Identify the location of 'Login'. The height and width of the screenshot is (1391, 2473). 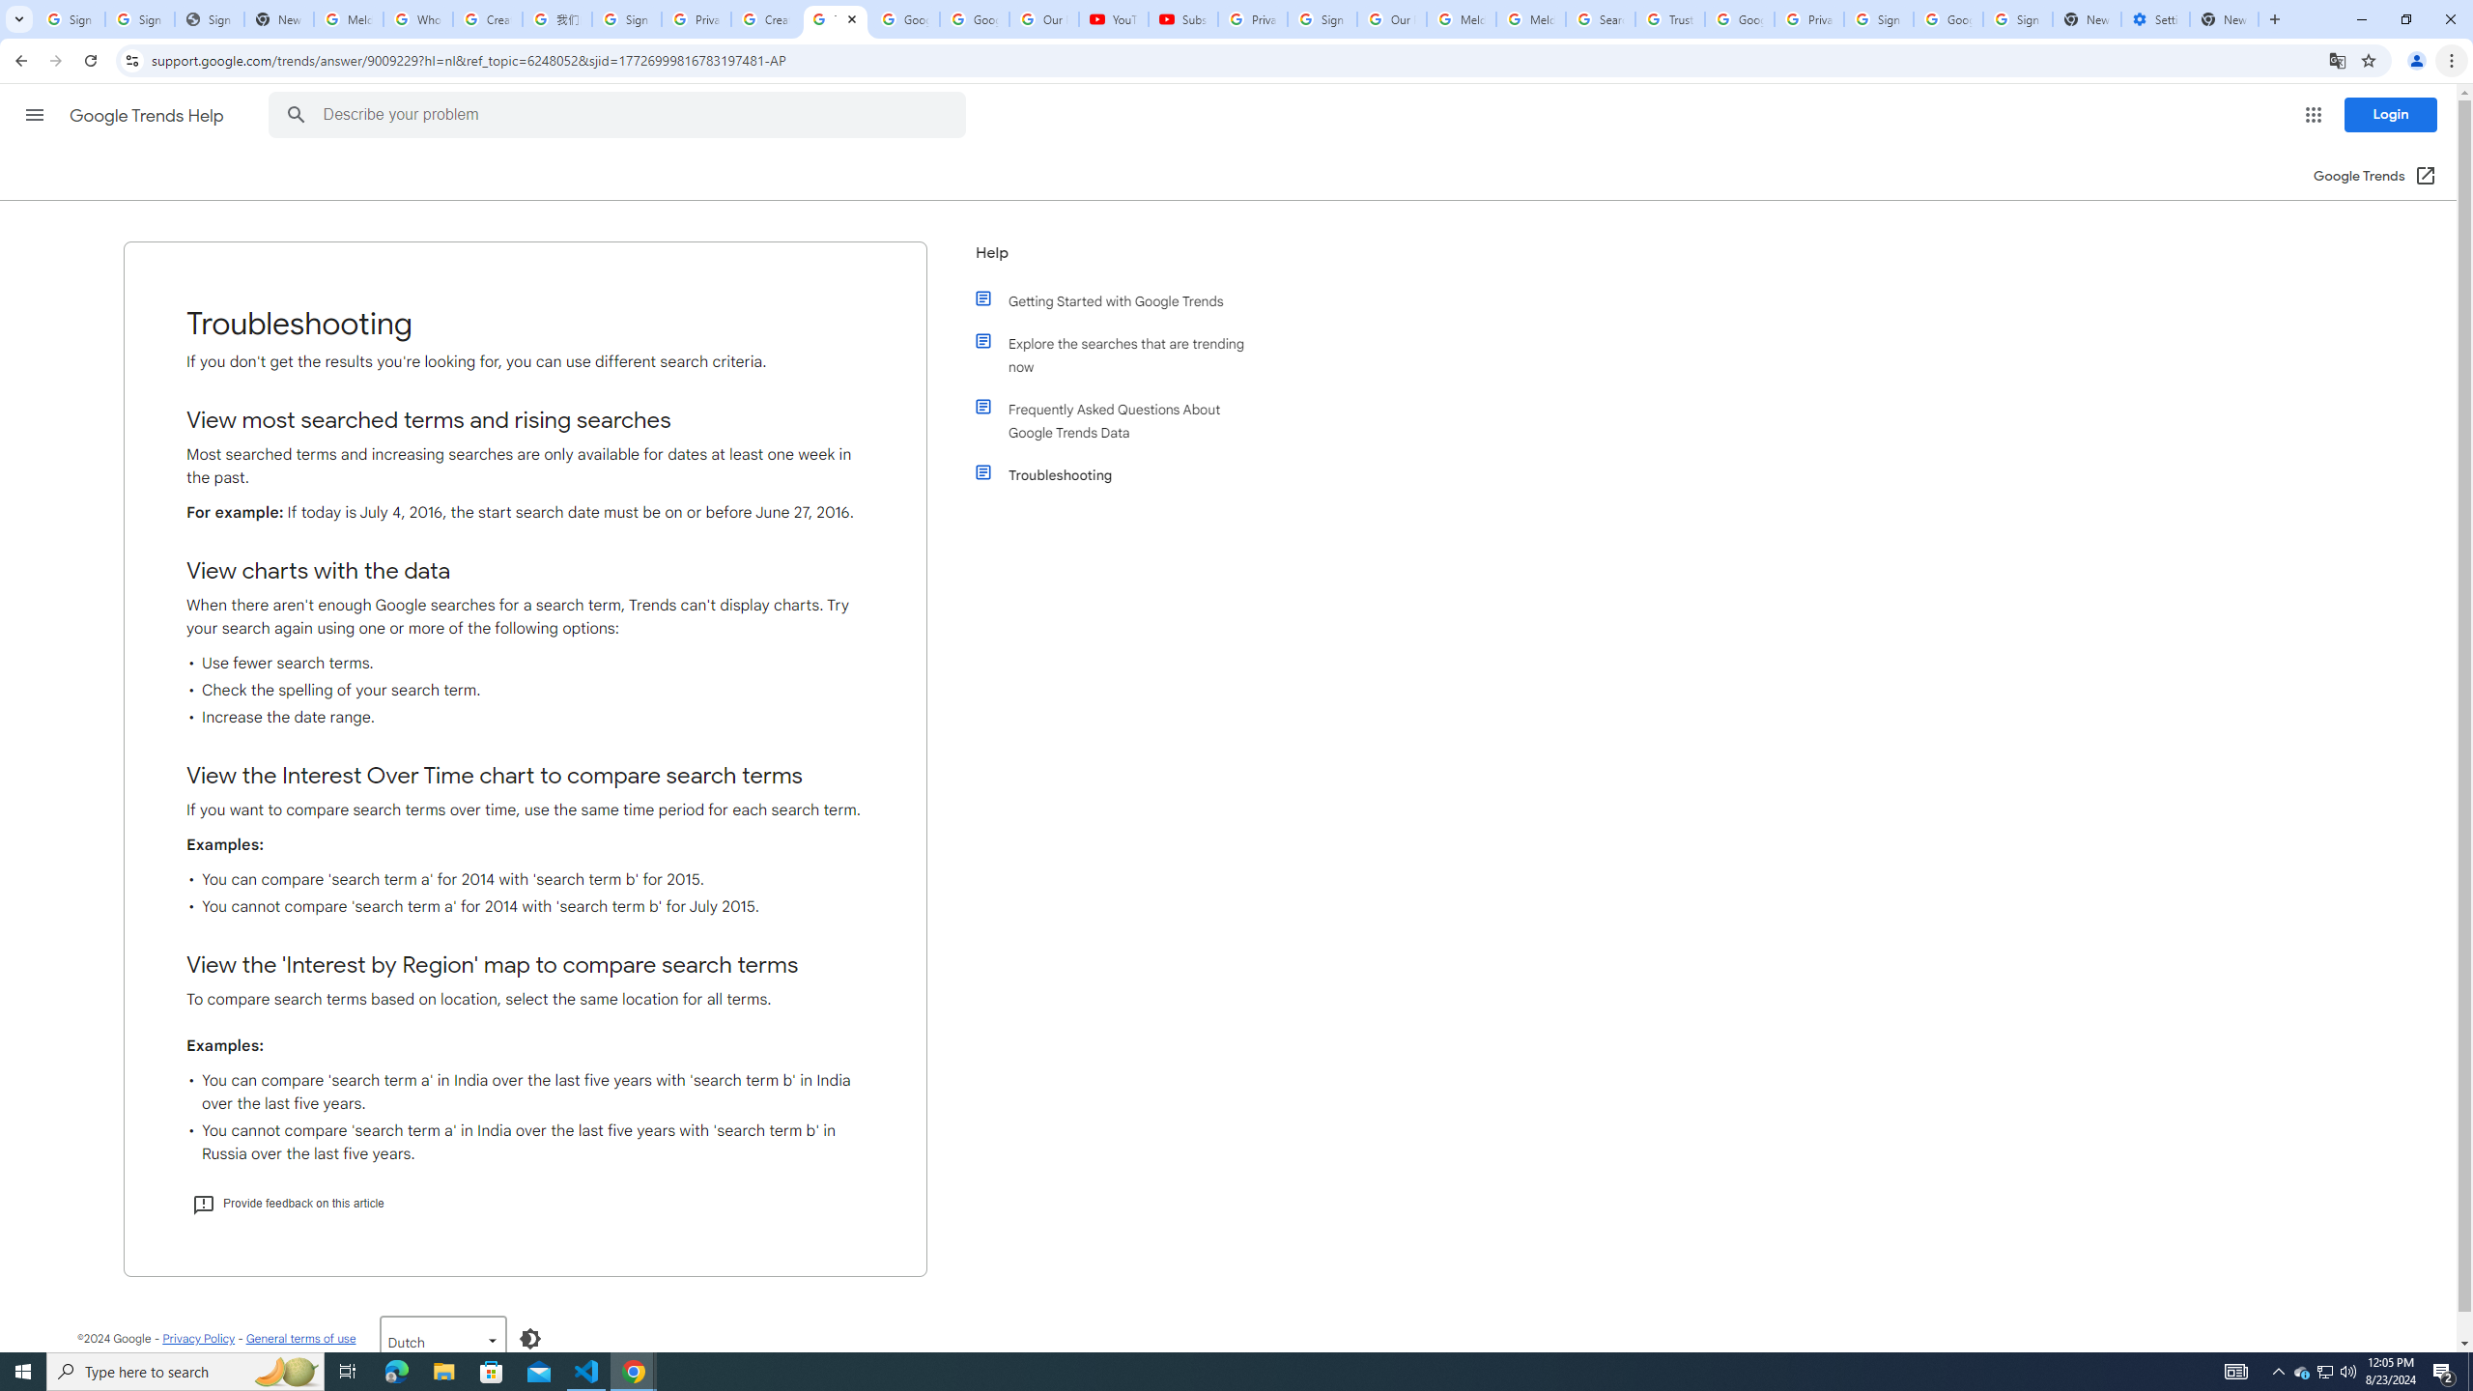
(2390, 114).